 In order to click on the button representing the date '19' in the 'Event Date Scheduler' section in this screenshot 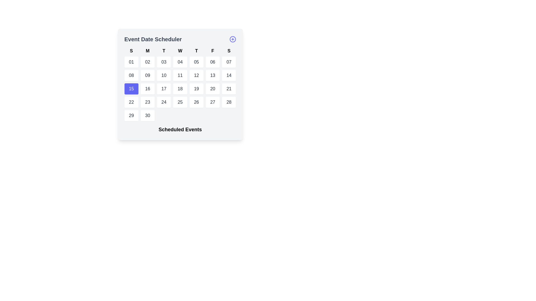, I will do `click(196, 89)`.